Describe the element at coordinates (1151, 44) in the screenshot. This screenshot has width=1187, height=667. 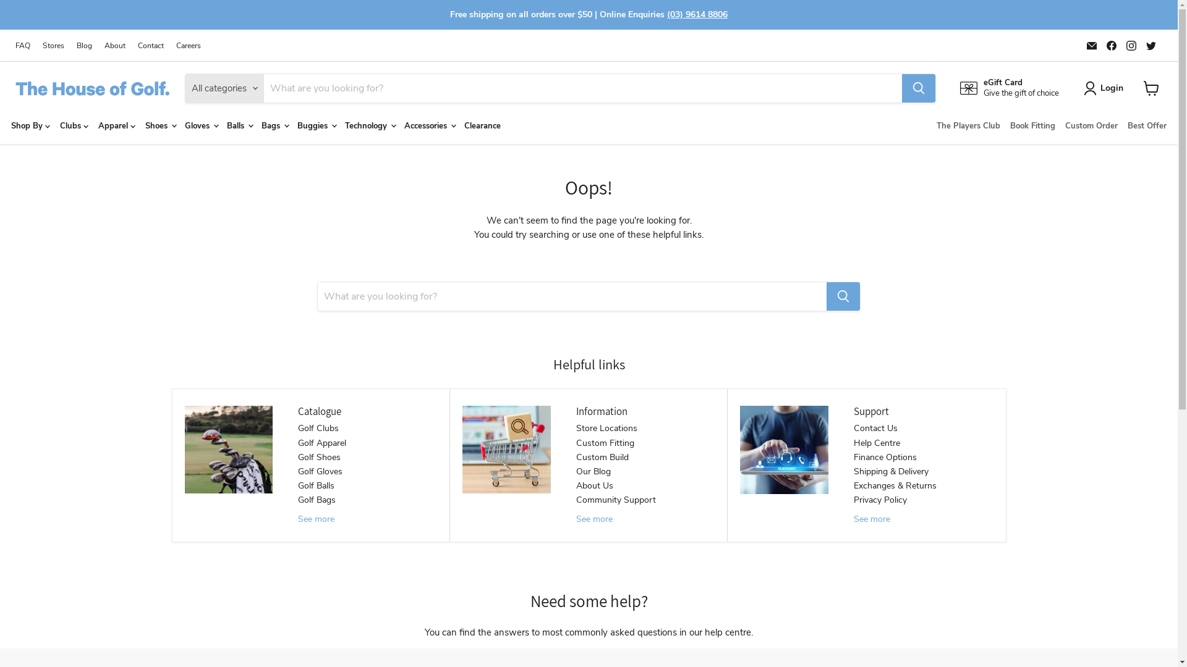
I see `'Find us on Twitter'` at that location.